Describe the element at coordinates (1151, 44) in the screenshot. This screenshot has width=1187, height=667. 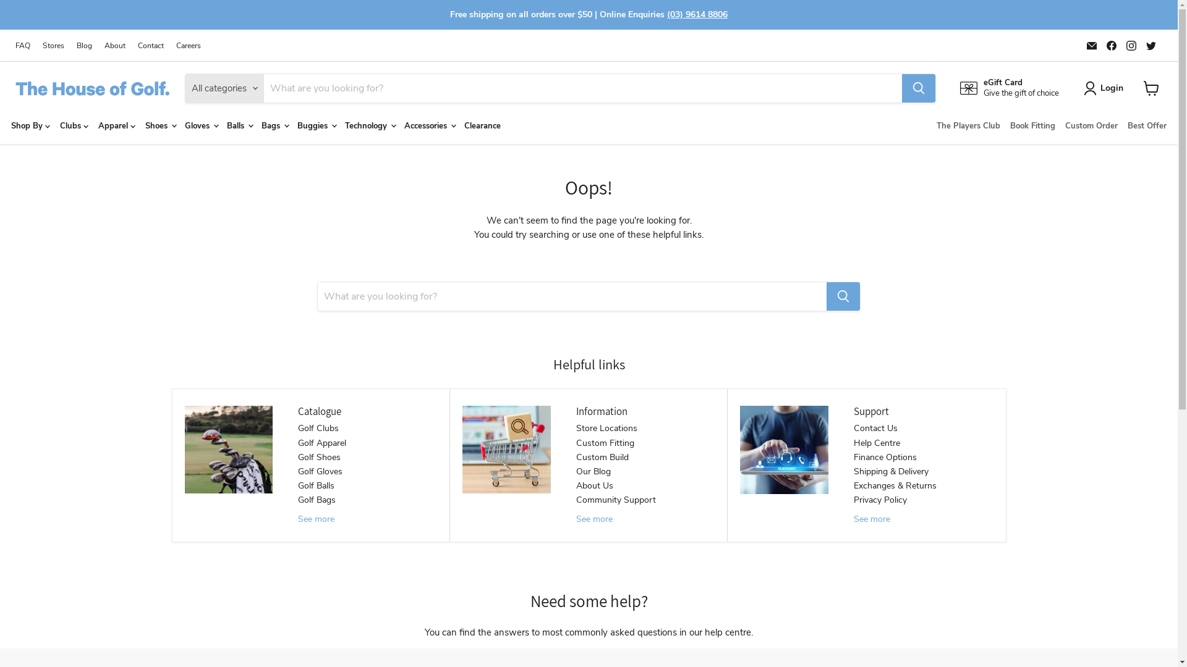
I see `'Find us on Twitter'` at that location.